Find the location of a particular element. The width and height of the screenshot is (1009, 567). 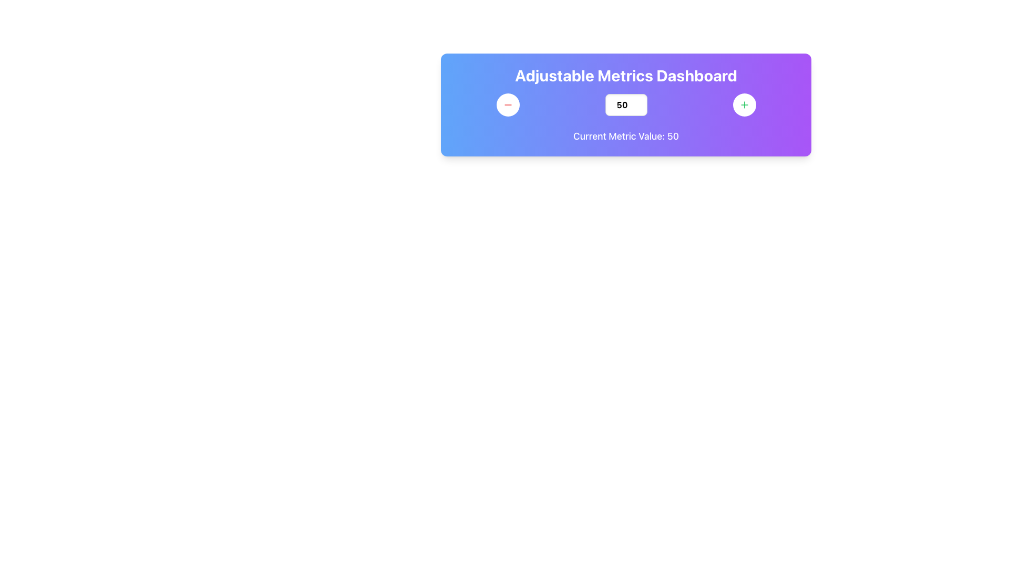

the decrement button located slightly left of the numerical input field to decrease the displayed value is located at coordinates (508, 105).